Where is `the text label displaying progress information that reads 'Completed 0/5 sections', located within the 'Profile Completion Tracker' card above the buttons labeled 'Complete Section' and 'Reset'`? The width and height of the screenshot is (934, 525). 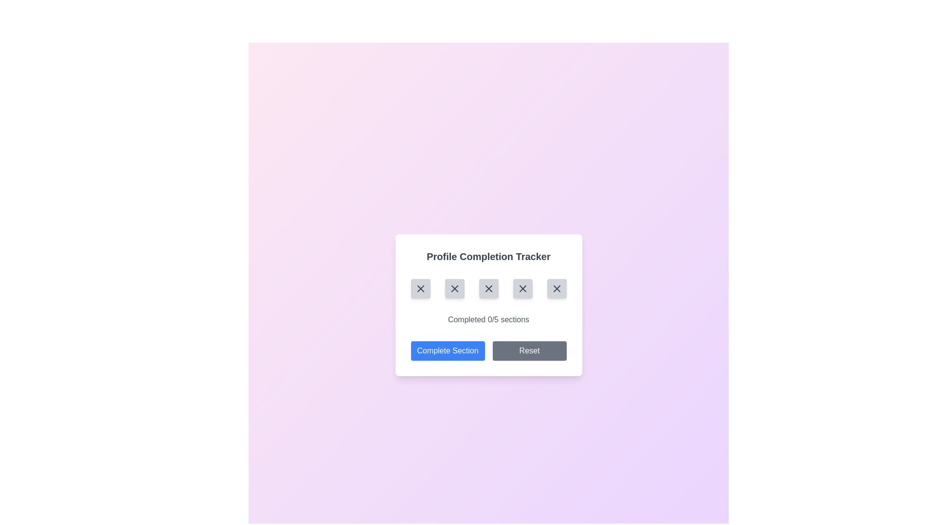 the text label displaying progress information that reads 'Completed 0/5 sections', located within the 'Profile Completion Tracker' card above the buttons labeled 'Complete Section' and 'Reset' is located at coordinates (488, 320).